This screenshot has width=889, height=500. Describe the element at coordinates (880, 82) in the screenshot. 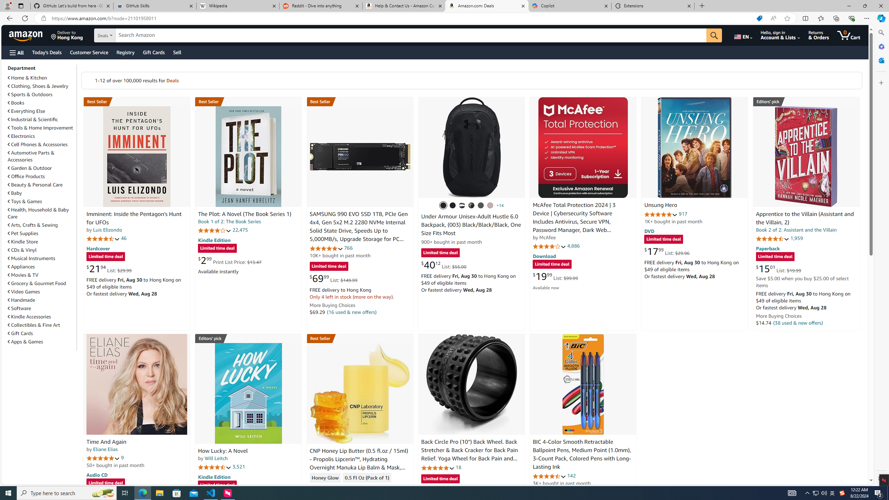

I see `'Customize'` at that location.